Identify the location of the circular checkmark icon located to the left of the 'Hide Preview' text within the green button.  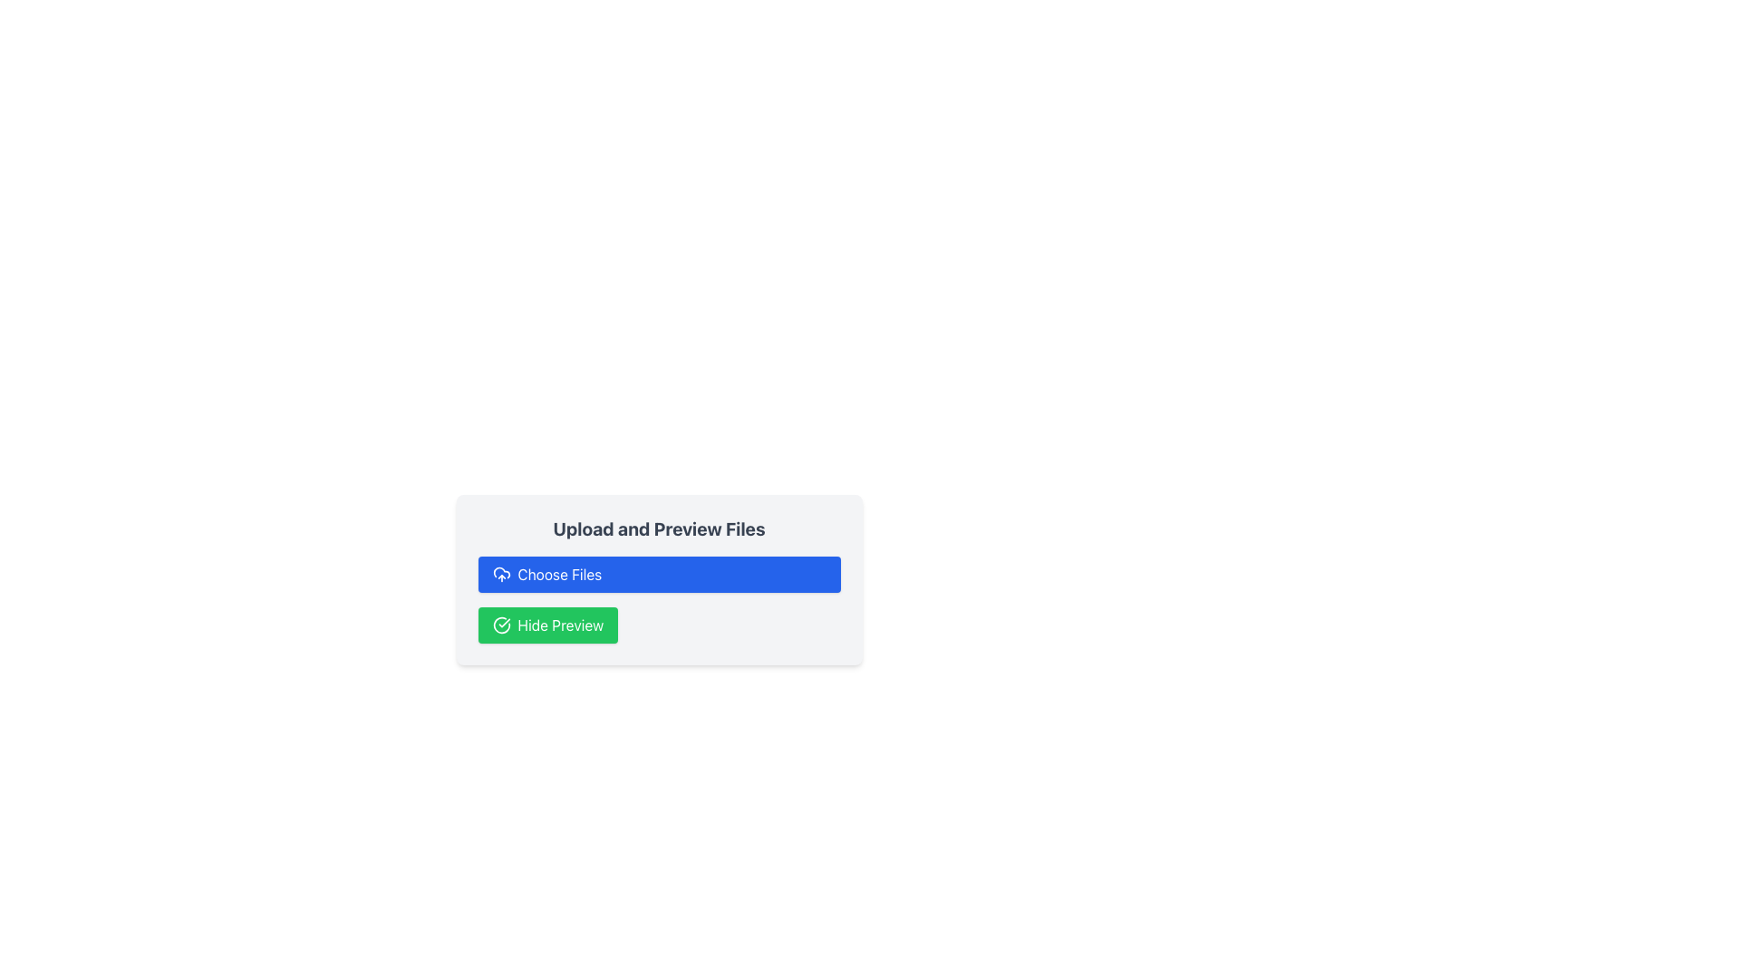
(501, 625).